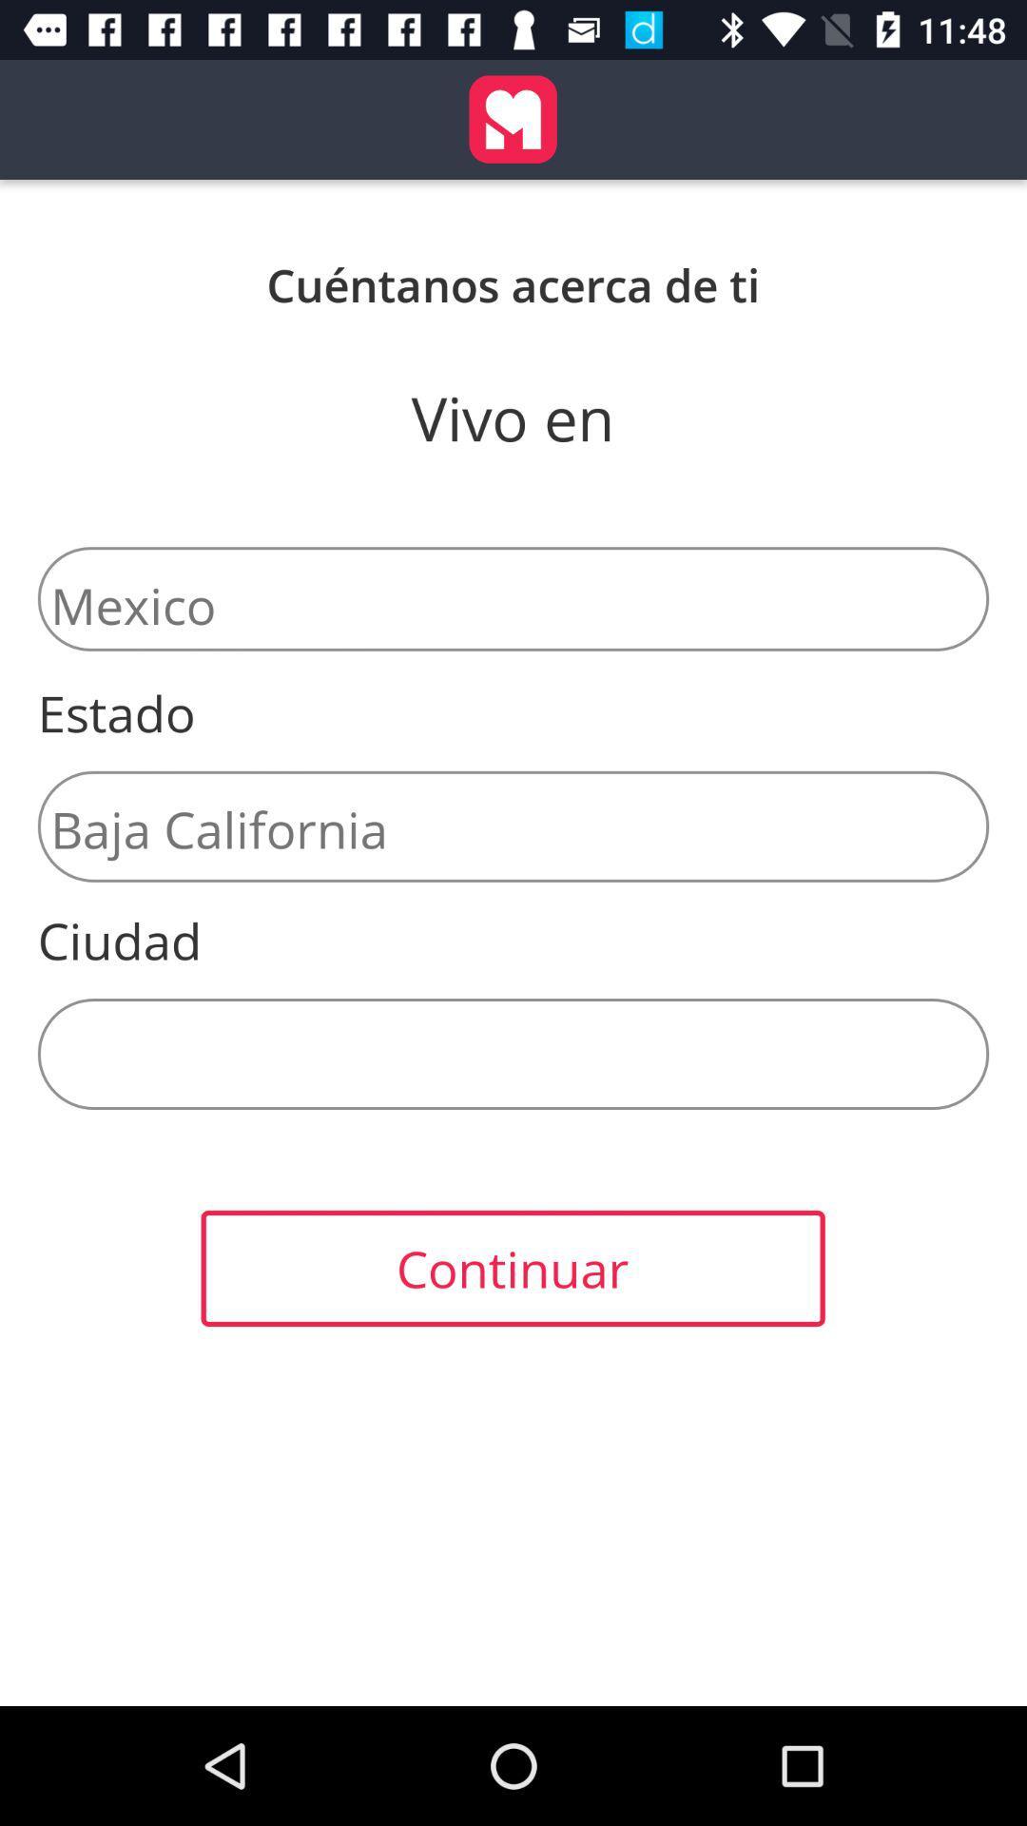 Image resolution: width=1027 pixels, height=1826 pixels. Describe the element at coordinates (513, 826) in the screenshot. I see `the item below estado item` at that location.